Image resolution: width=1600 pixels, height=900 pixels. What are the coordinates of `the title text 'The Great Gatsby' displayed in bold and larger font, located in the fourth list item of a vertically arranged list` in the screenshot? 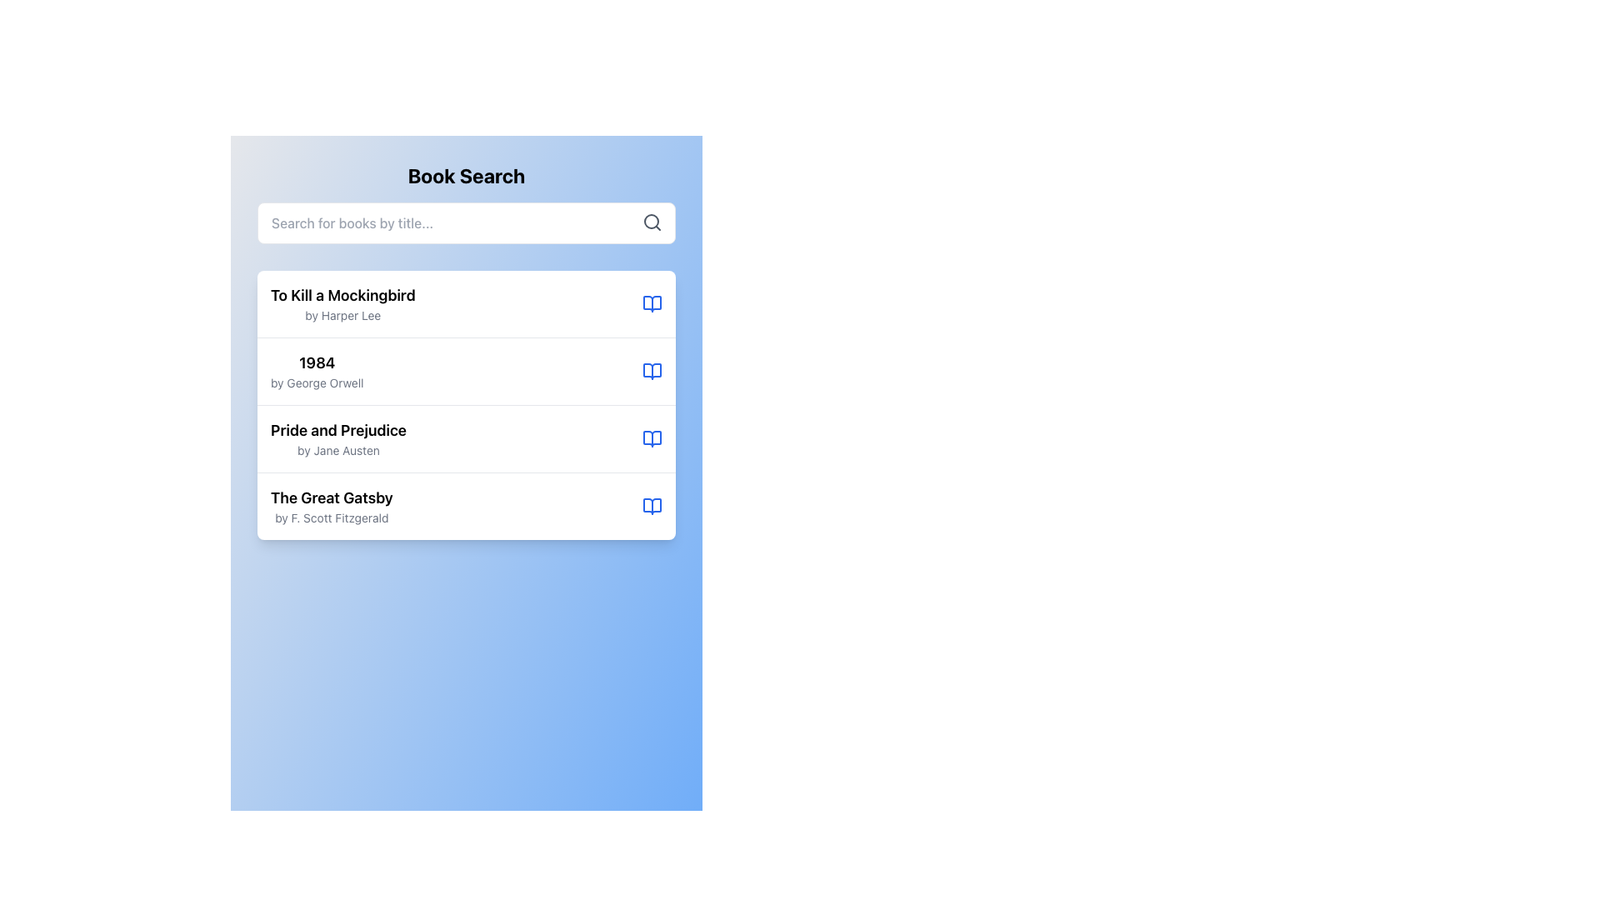 It's located at (332, 497).